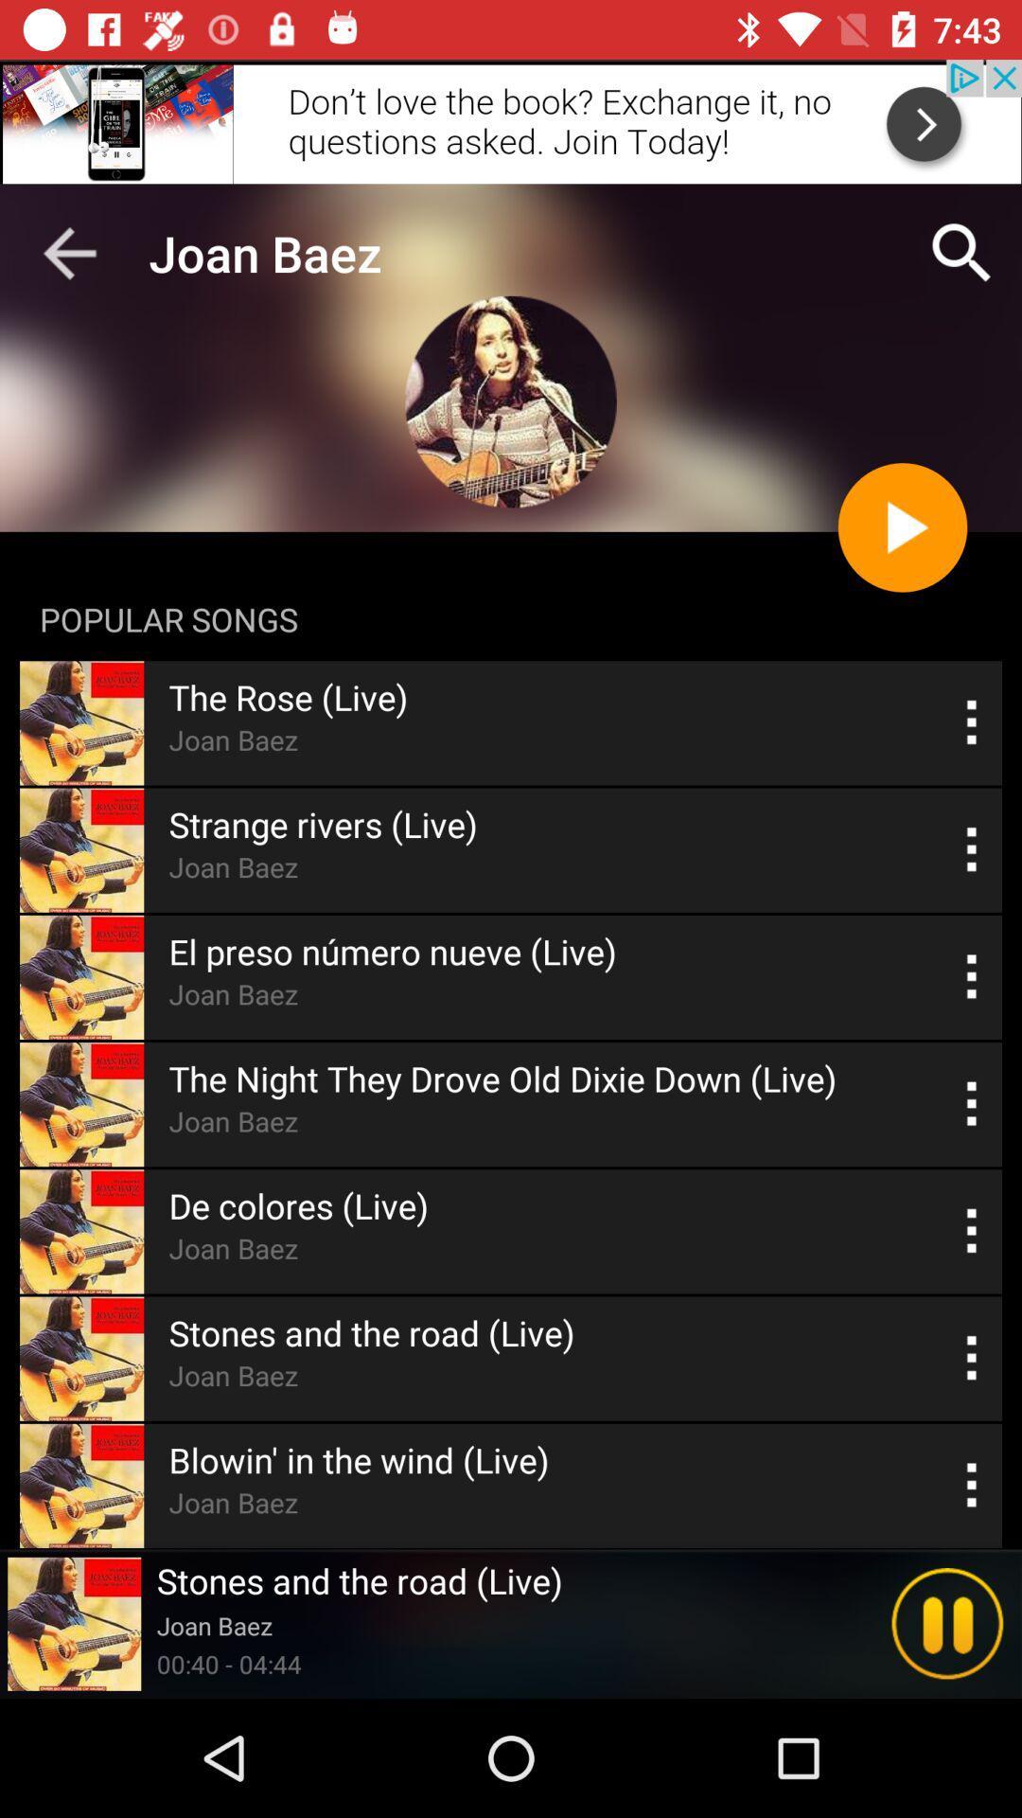  What do you see at coordinates (972, 848) in the screenshot?
I see `the more icon` at bounding box center [972, 848].